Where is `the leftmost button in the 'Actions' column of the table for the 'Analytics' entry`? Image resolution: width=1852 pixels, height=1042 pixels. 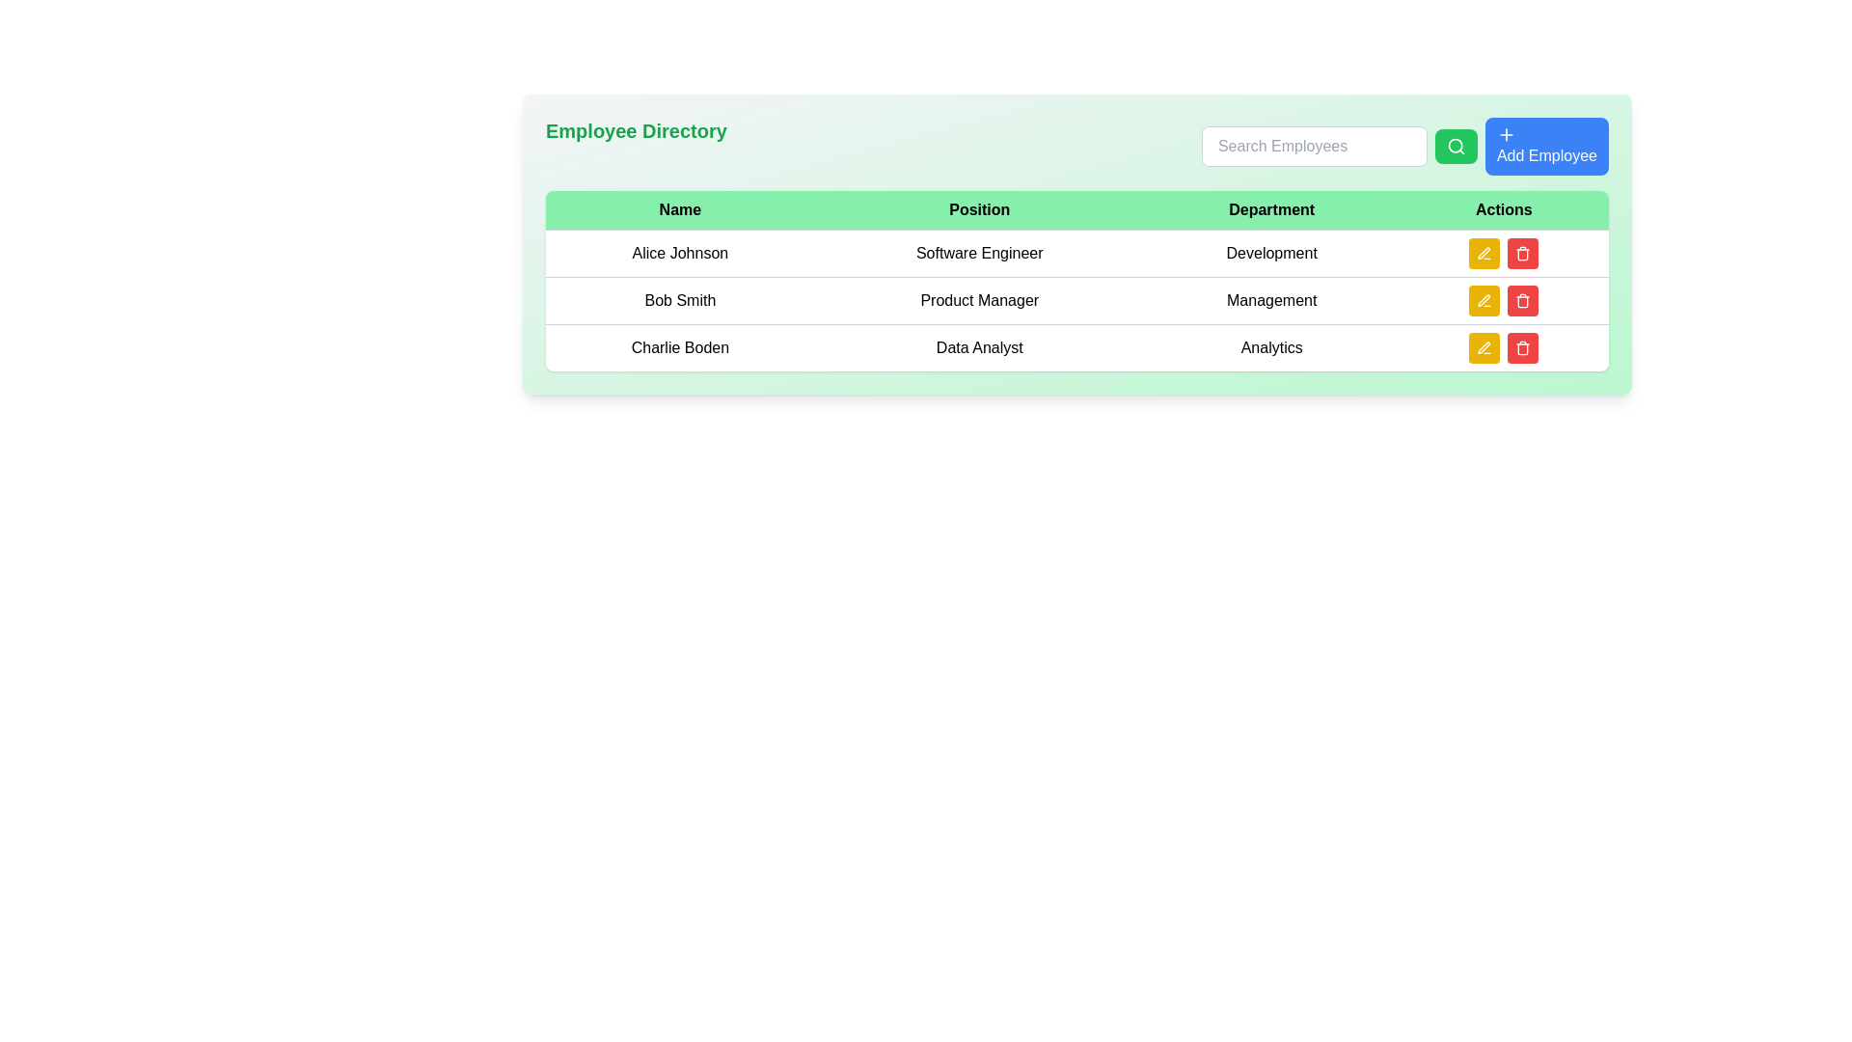 the leftmost button in the 'Actions' column of the table for the 'Analytics' entry is located at coordinates (1484, 348).